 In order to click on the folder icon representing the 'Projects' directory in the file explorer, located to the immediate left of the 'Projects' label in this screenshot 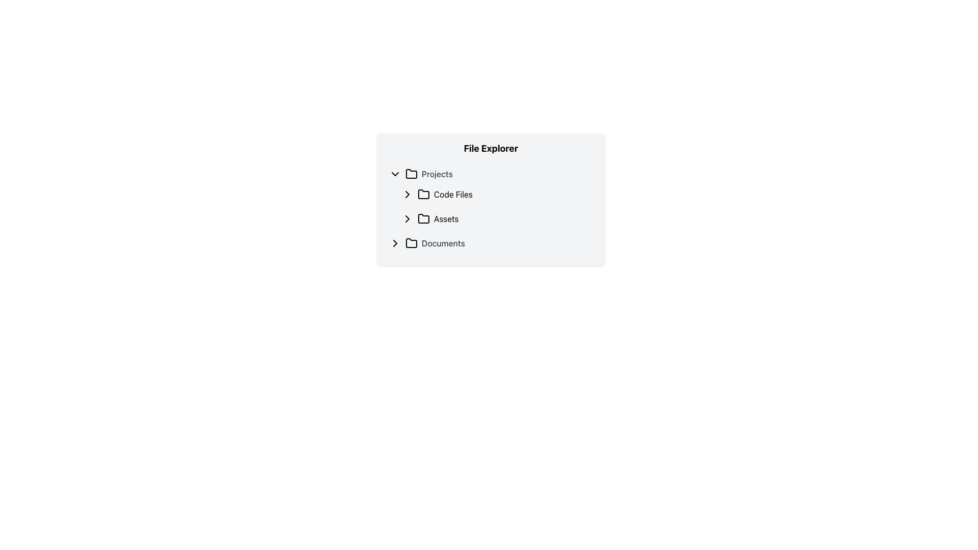, I will do `click(411, 173)`.